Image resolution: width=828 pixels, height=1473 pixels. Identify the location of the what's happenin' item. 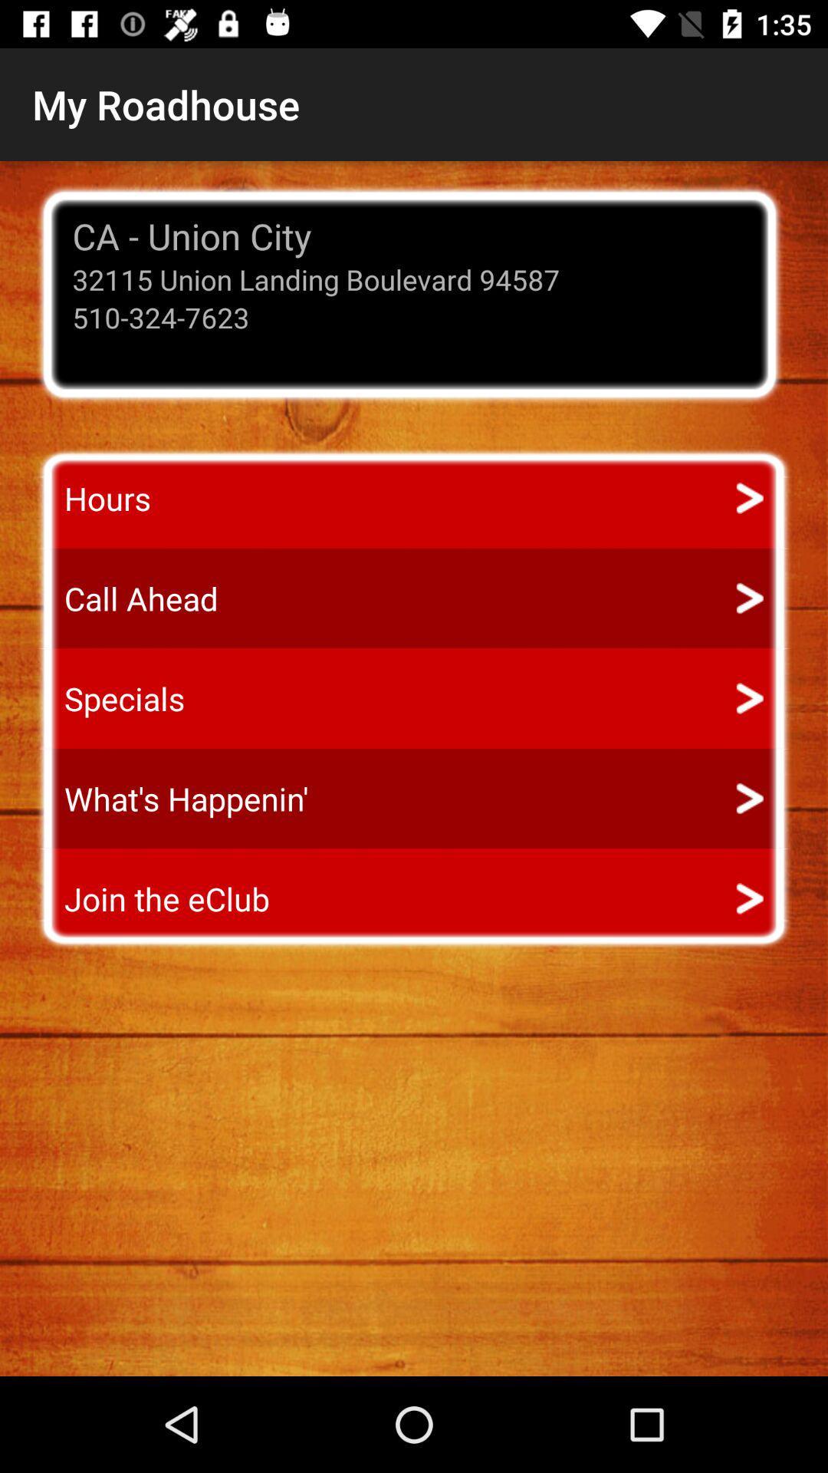
(172, 798).